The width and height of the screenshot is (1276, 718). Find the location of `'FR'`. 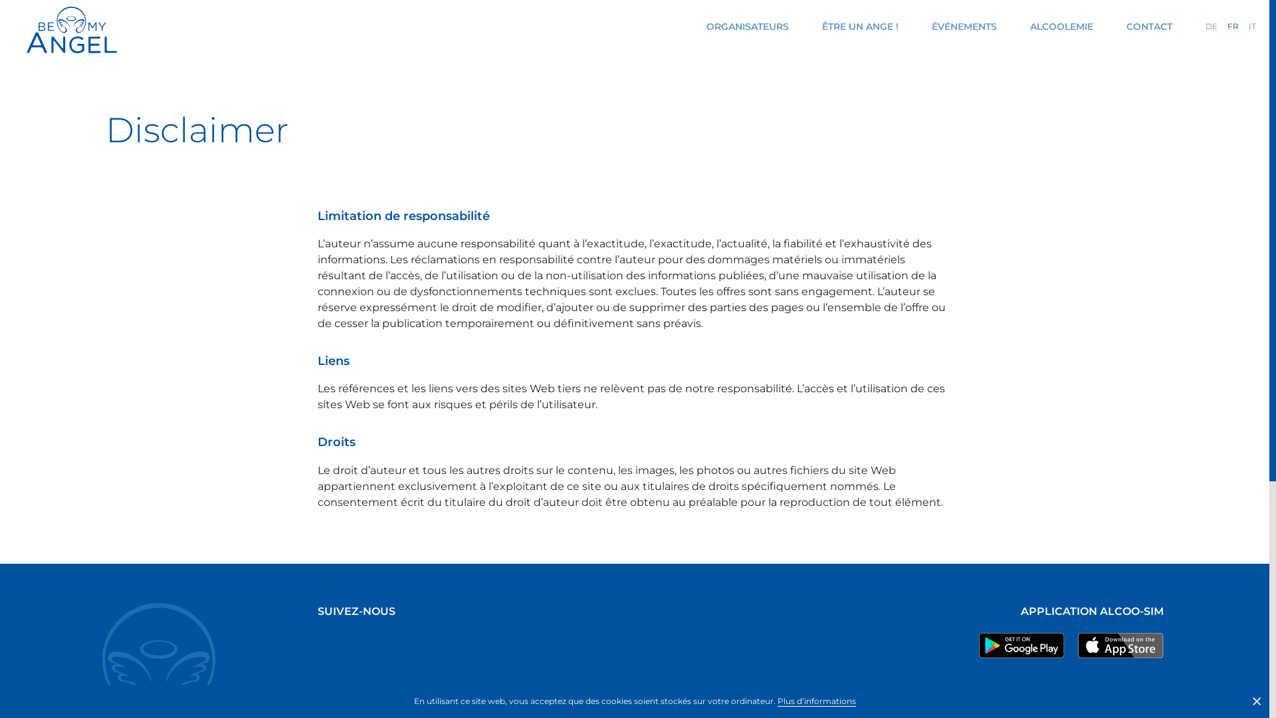

'FR' is located at coordinates (1227, 26).